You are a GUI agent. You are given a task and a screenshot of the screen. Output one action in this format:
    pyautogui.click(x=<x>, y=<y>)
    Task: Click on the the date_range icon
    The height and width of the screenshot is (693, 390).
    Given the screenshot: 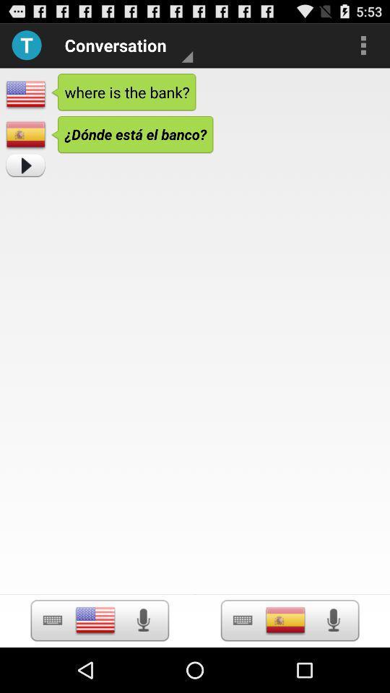 What is the action you would take?
    pyautogui.click(x=243, y=664)
    